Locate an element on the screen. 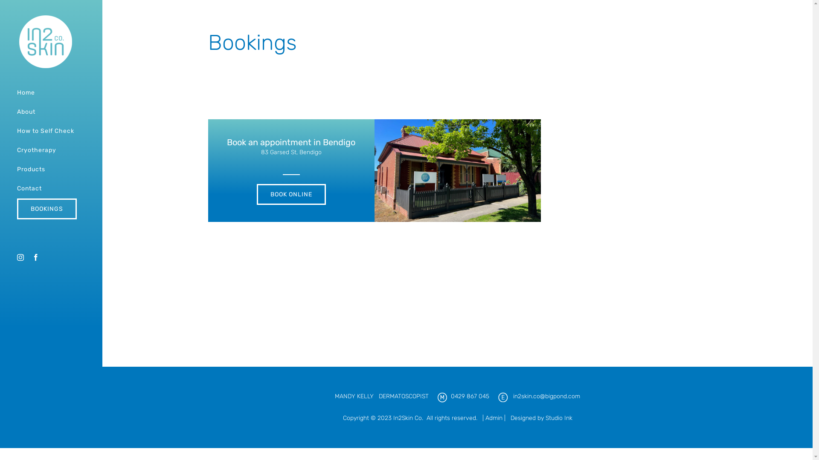 The height and width of the screenshot is (460, 819). 'Home' is located at coordinates (50, 93).